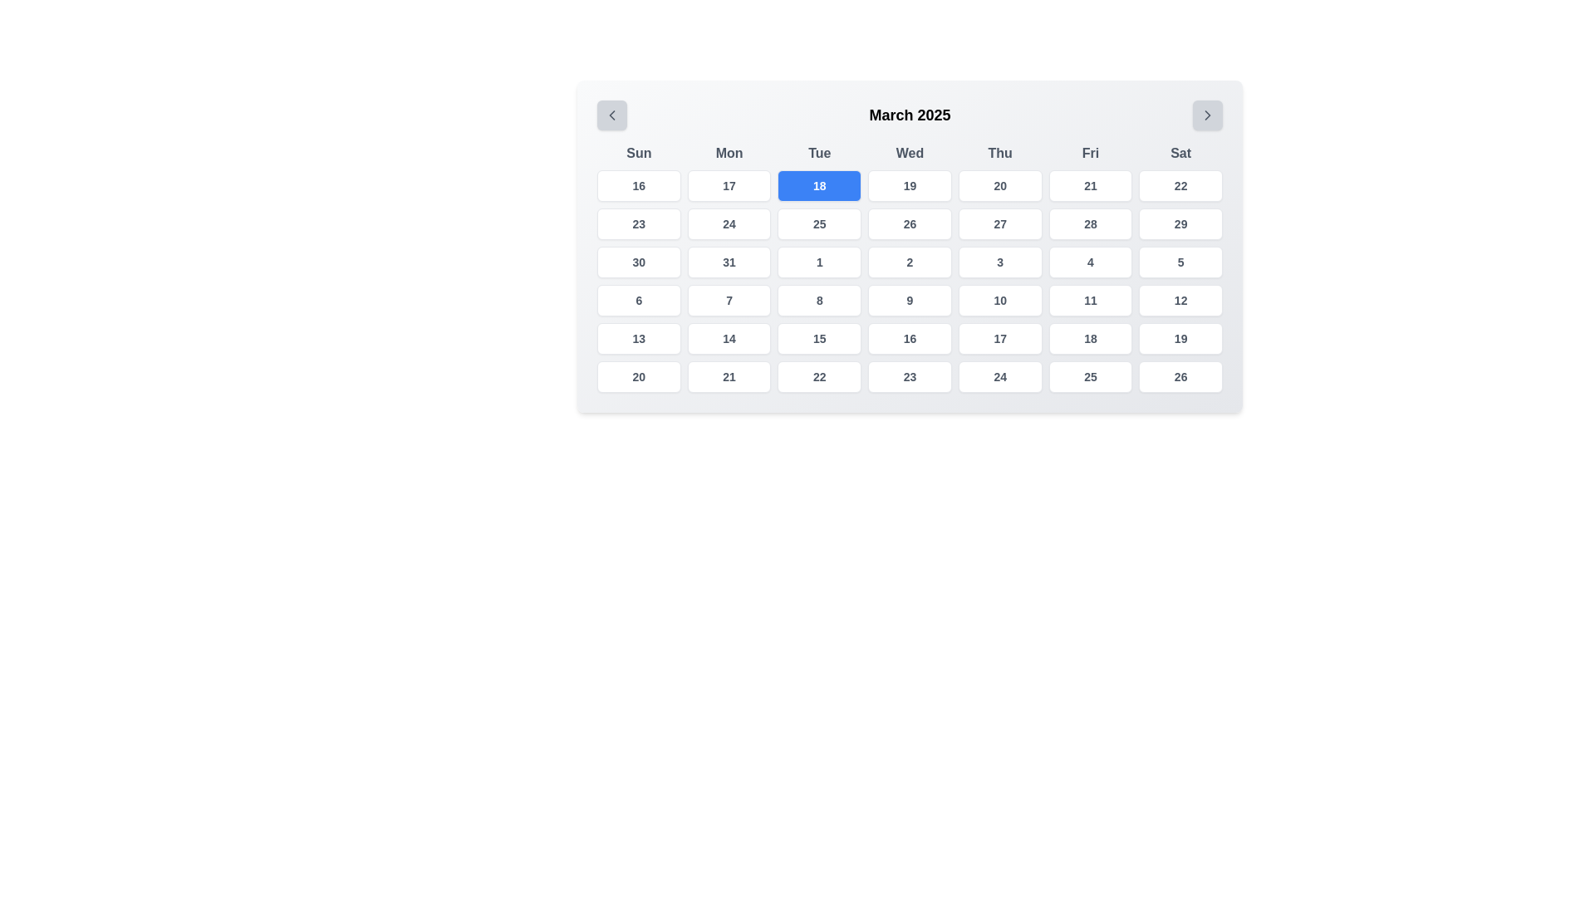  What do you see at coordinates (729, 262) in the screenshot?
I see `the calendar button displaying the date '31', located in the sixth row and third column of the calendar grid` at bounding box center [729, 262].